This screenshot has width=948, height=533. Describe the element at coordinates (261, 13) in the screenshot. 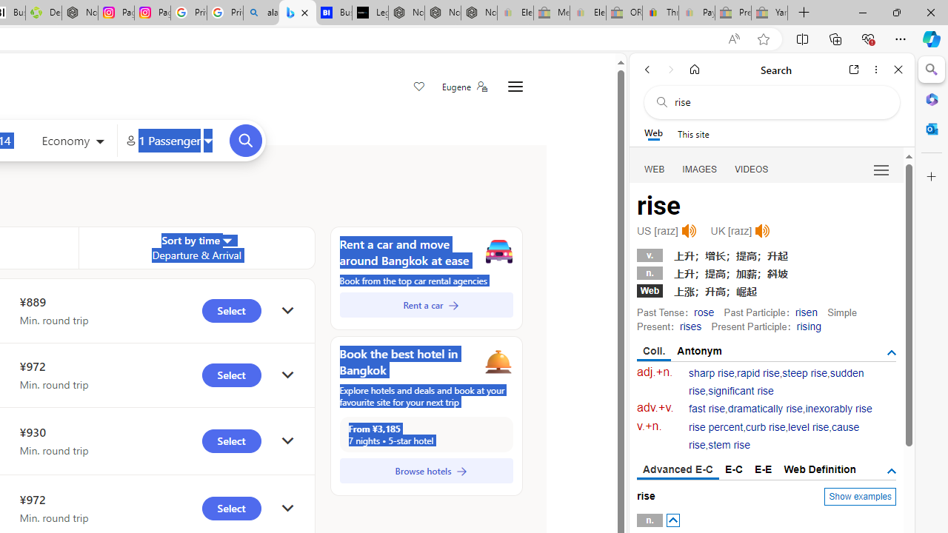

I see `'alabama high school quarterback dies - Search'` at that location.